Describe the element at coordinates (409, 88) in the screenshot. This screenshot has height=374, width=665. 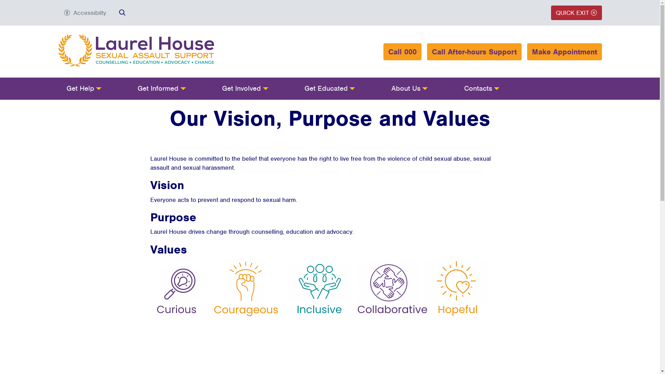
I see `'About Us'` at that location.